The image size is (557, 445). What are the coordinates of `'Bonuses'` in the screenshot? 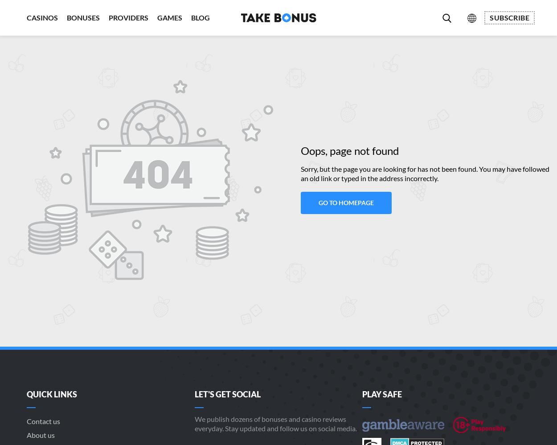 It's located at (83, 17).